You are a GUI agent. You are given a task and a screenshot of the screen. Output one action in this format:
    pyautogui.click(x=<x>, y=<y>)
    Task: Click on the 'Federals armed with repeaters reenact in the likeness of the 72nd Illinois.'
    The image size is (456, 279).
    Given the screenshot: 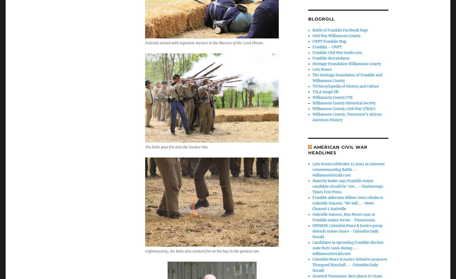 What is the action you would take?
    pyautogui.click(x=204, y=43)
    